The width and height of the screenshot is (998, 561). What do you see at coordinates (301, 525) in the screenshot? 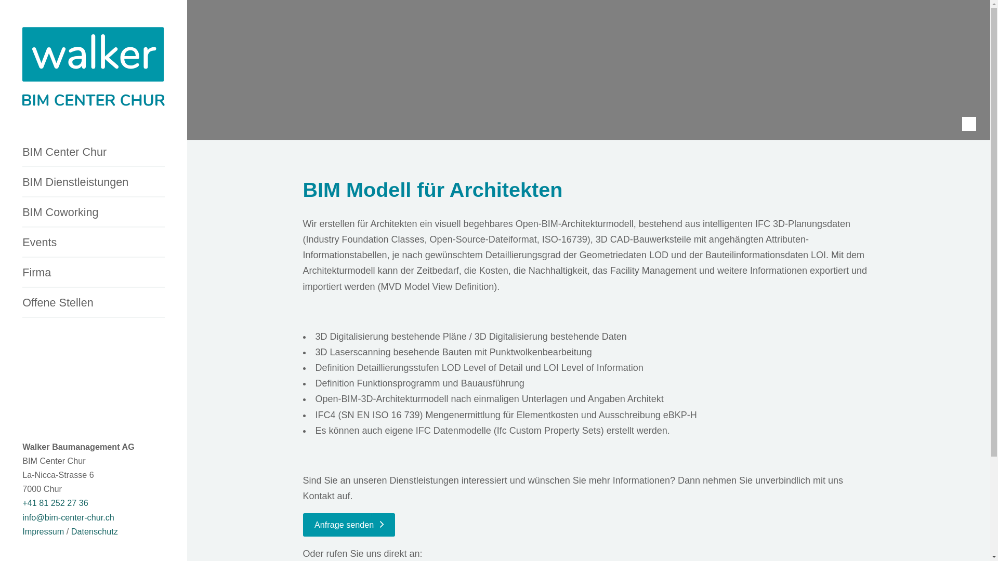
I see `'Anfrage senden'` at bounding box center [301, 525].